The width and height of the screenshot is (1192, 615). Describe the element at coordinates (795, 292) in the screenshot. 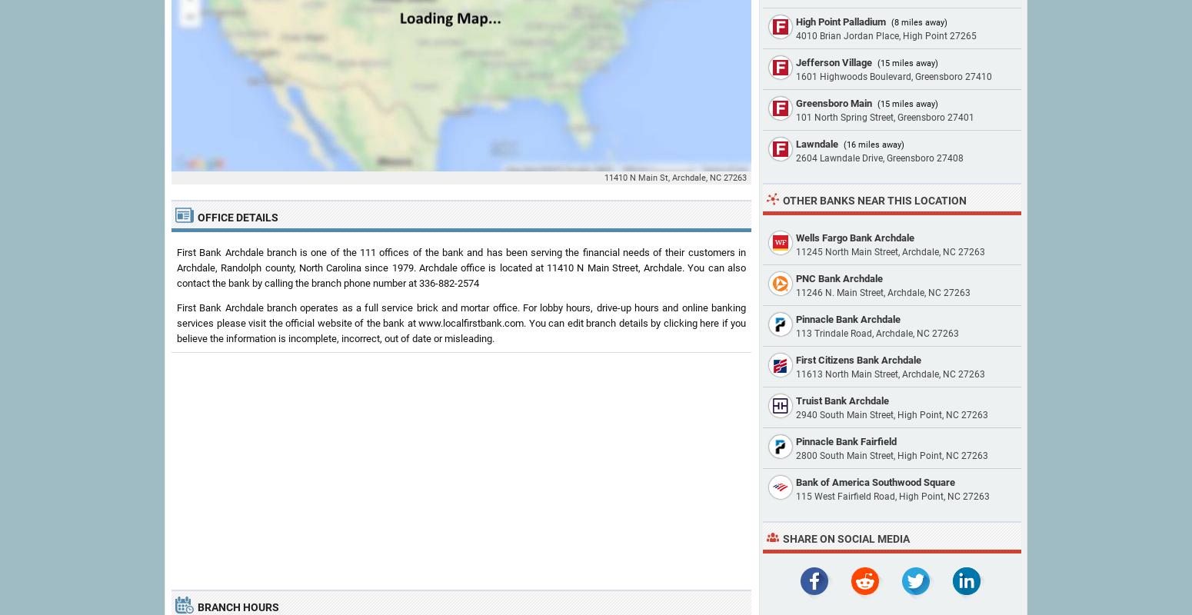

I see `'11246 N. Main Street, Archdale, NC 27263'` at that location.